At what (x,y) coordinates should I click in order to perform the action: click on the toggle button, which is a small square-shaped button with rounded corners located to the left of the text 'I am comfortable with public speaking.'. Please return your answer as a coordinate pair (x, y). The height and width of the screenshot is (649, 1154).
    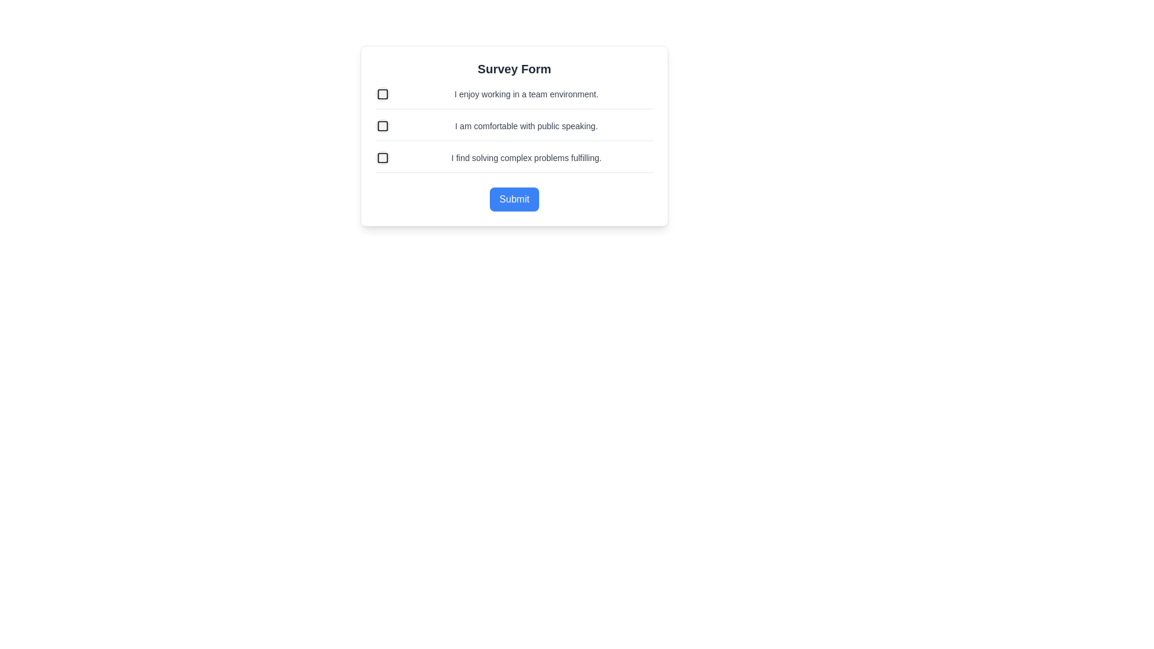
    Looking at the image, I should click on (382, 126).